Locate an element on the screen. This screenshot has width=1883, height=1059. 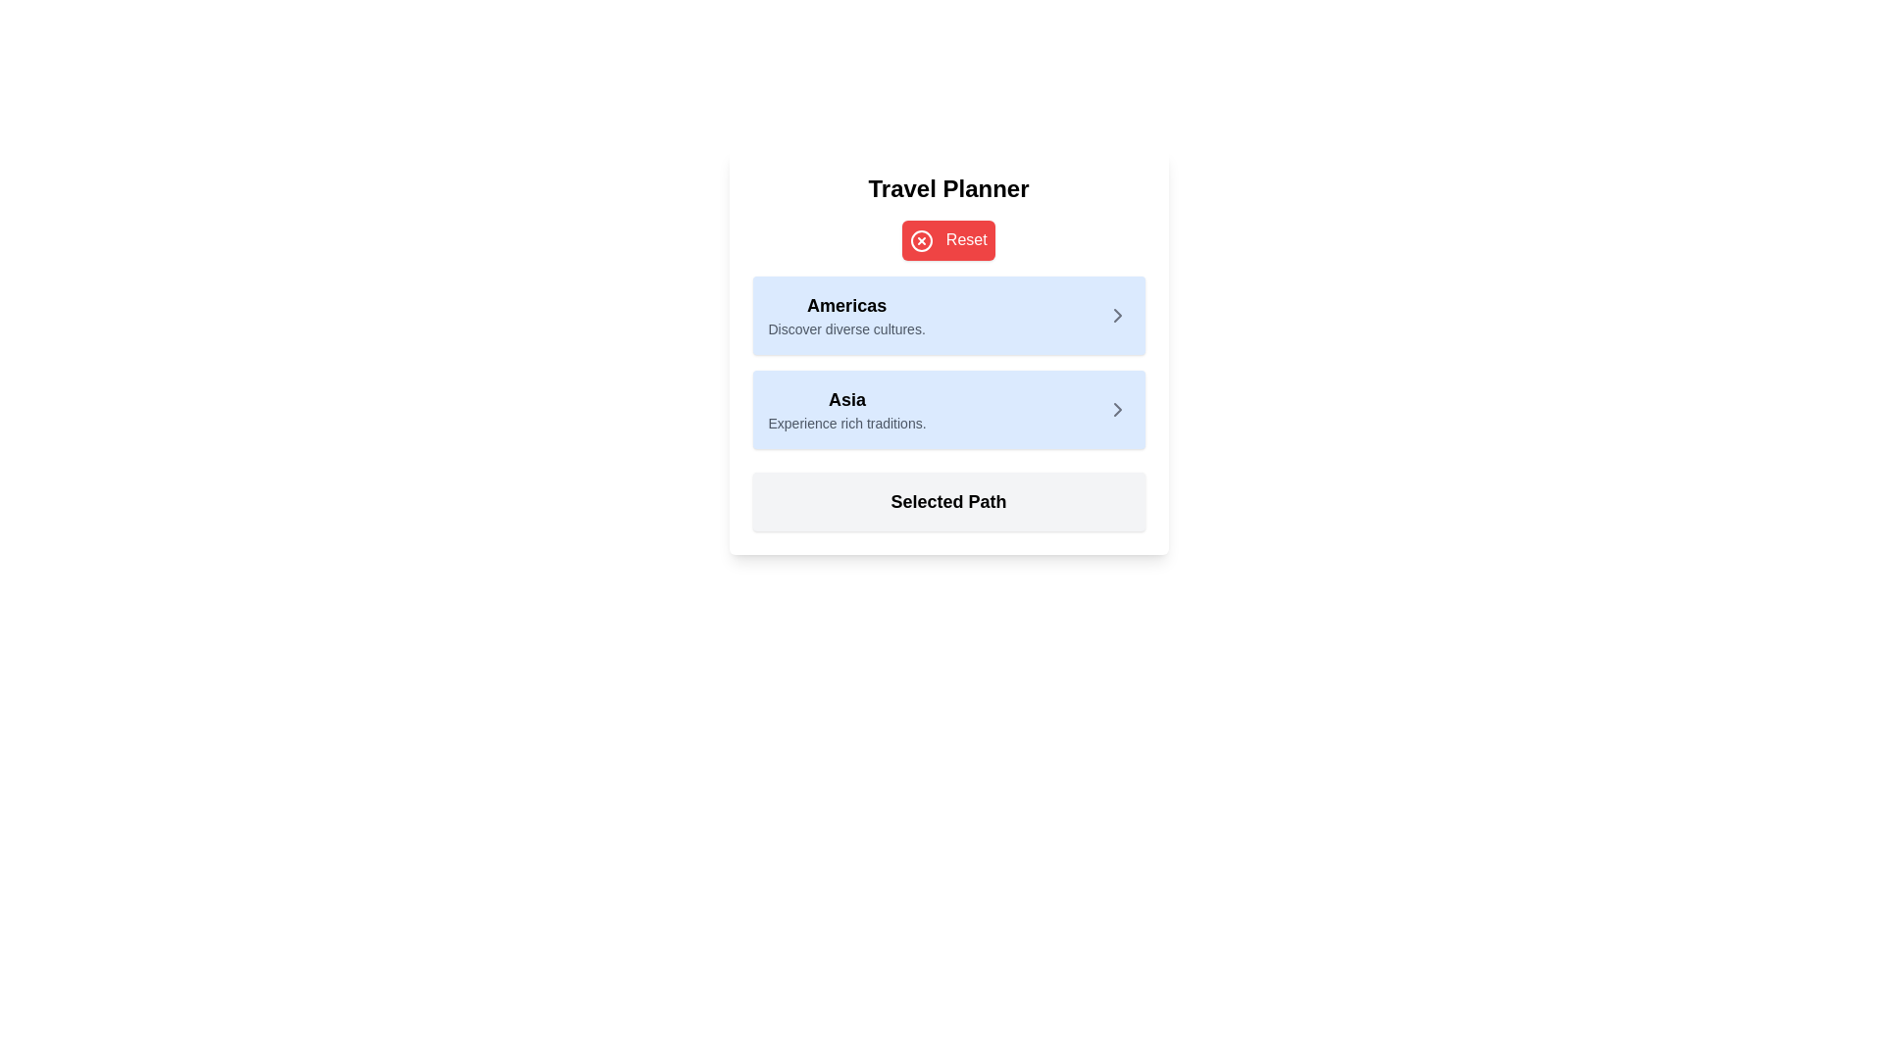
the right-pointing chevron icon styled in gray, located within the light blue rectangular background of the second menu item labeled 'Asia\nExperience rich traditions.' is located at coordinates (1117, 408).